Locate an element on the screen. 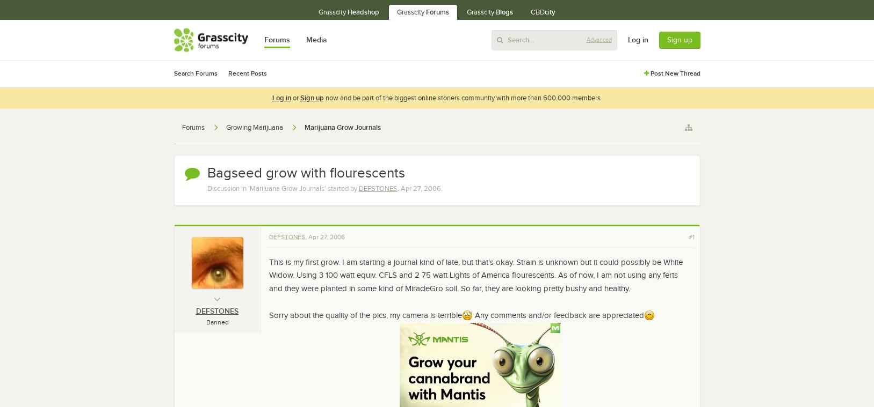 This screenshot has height=407, width=874. 'now and be part of the biggest online stoners community with more than 600.000 members.' is located at coordinates (322, 98).